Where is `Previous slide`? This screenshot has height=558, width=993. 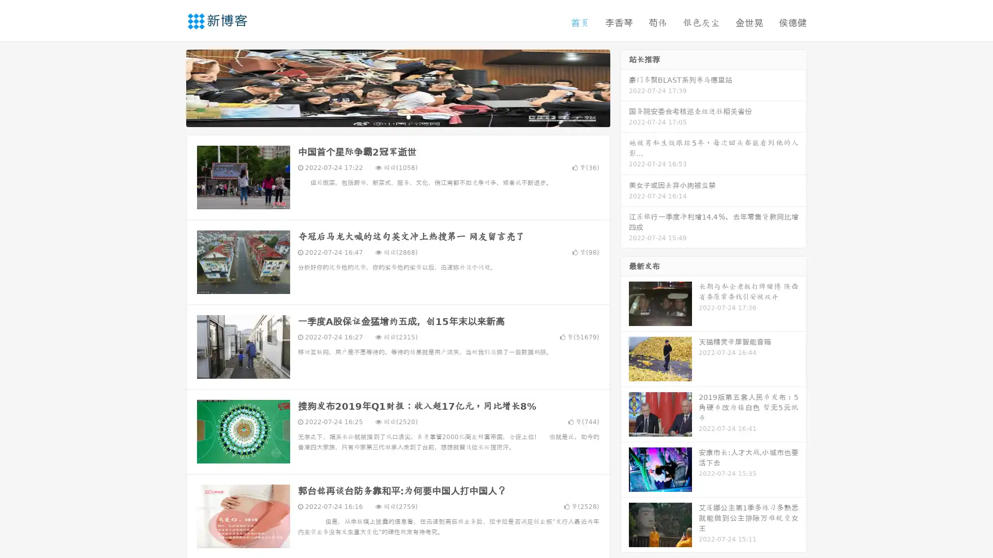
Previous slide is located at coordinates (171, 87).